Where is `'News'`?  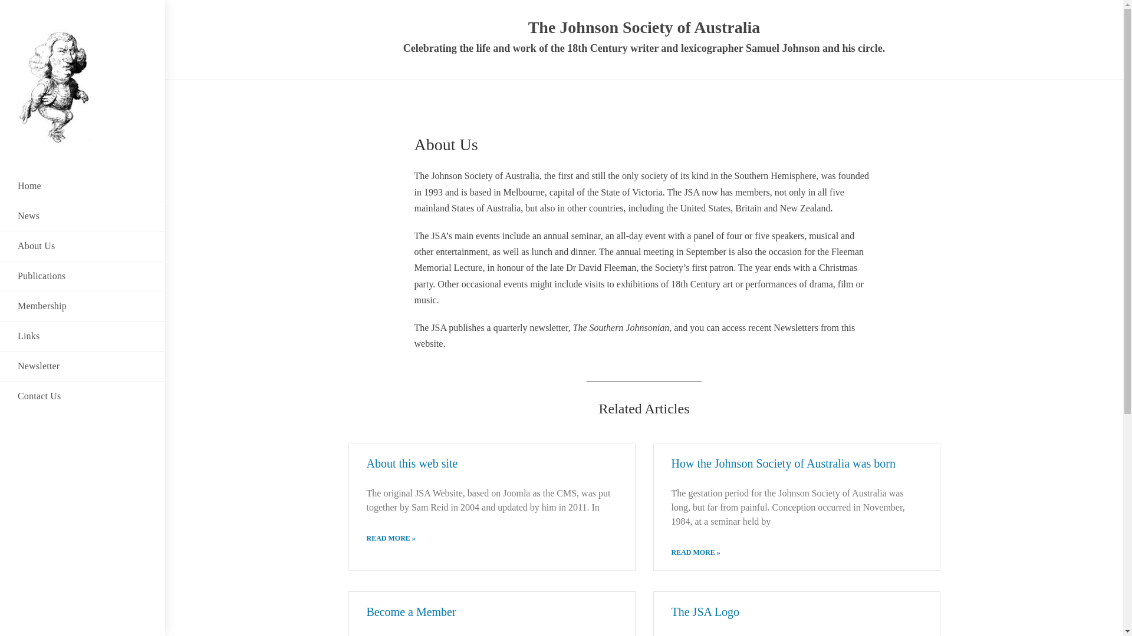
'News' is located at coordinates (81, 216).